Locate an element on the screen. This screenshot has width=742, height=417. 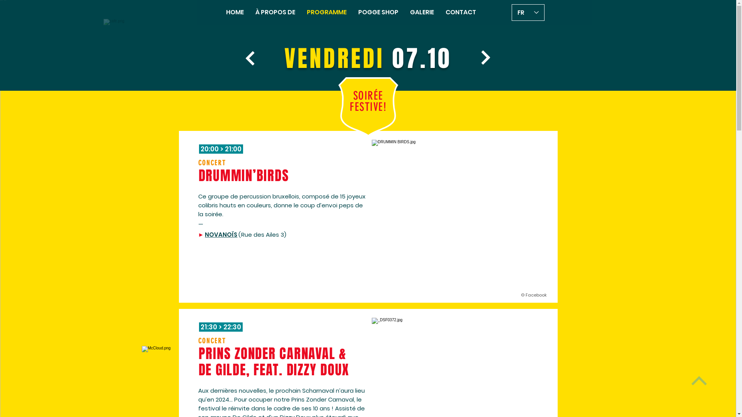
'GALERIE' is located at coordinates (421, 12).